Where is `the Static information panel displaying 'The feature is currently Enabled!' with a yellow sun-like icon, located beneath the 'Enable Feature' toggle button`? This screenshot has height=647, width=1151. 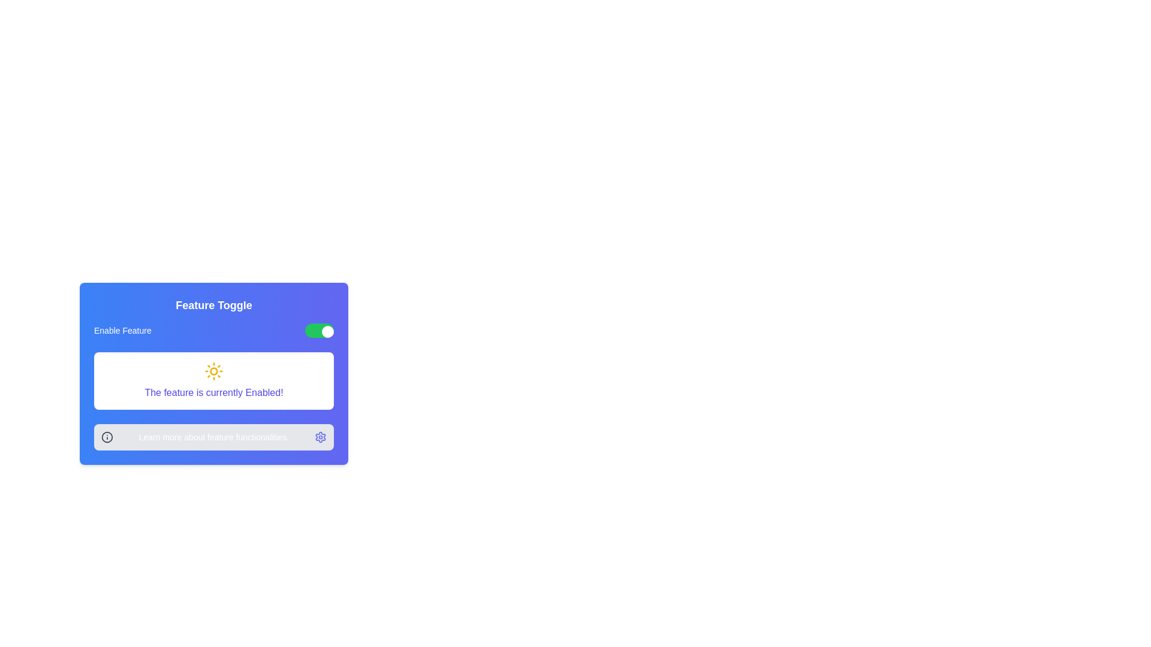
the Static information panel displaying 'The feature is currently Enabled!' with a yellow sun-like icon, located beneath the 'Enable Feature' toggle button is located at coordinates (213, 381).